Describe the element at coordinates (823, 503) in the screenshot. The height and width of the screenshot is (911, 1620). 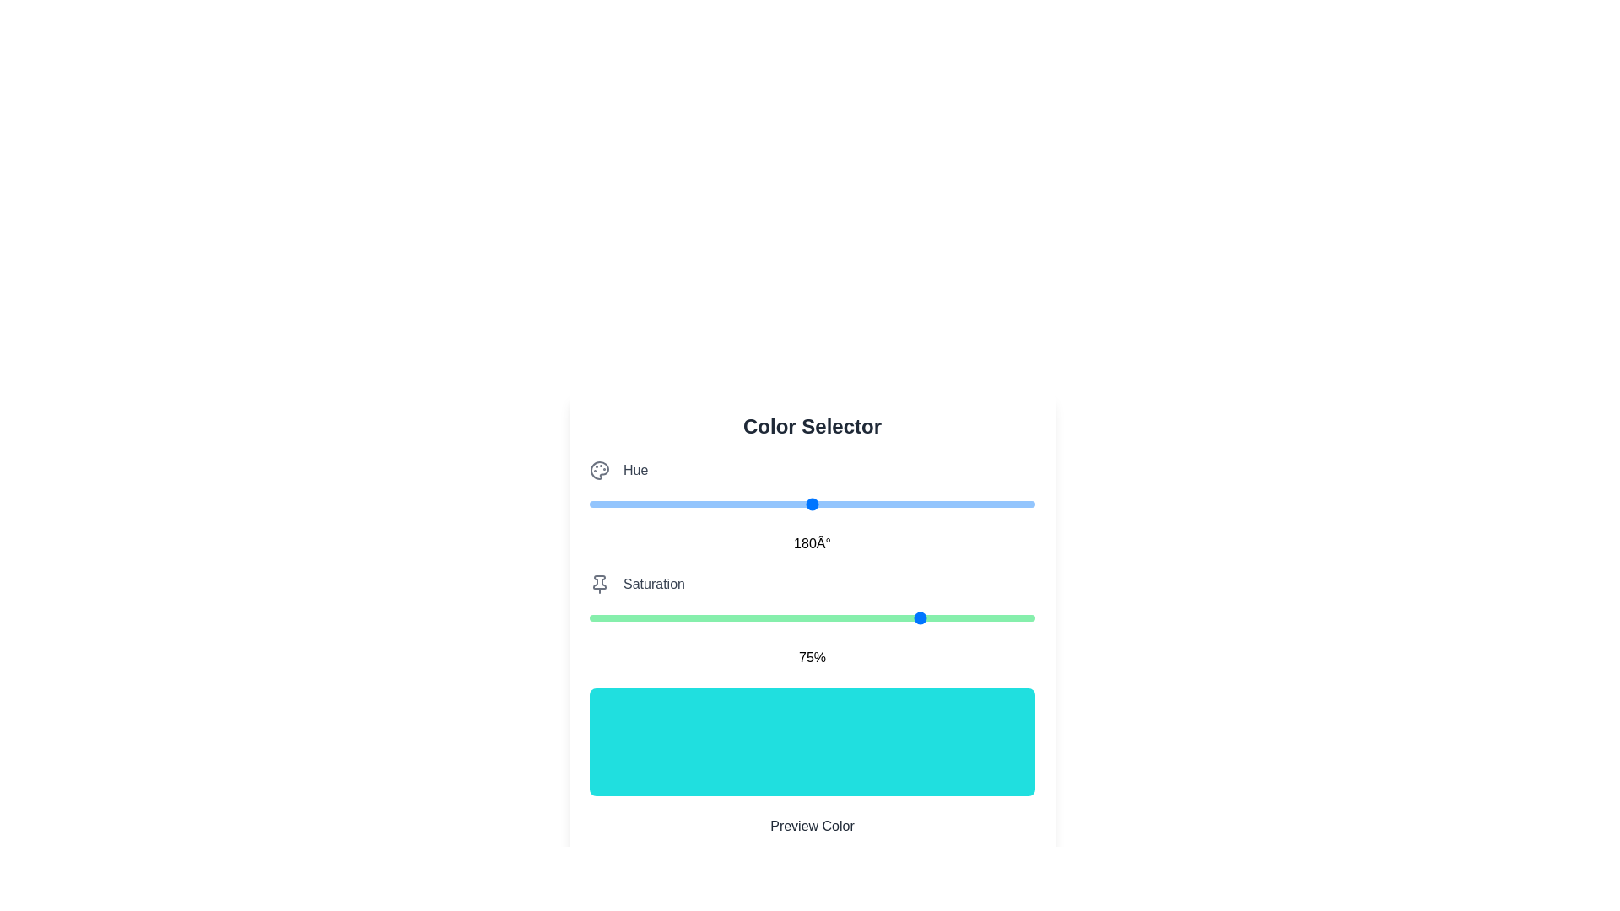
I see `the hue` at that location.